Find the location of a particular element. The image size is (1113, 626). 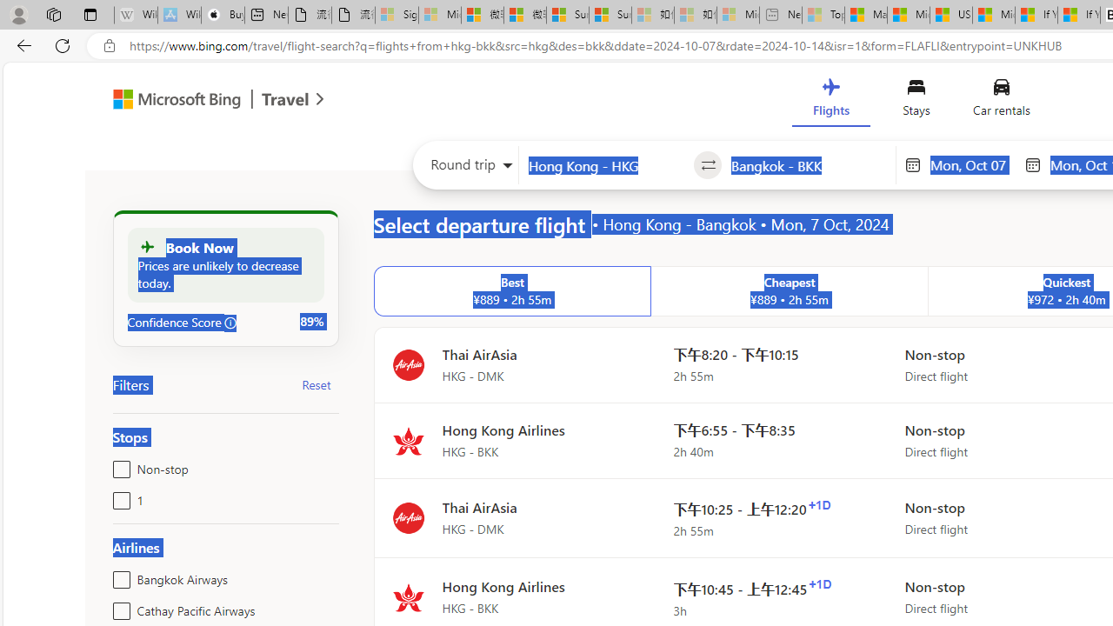

'Class: msft-bing-logo msft-bing-logo-desktop' is located at coordinates (173, 99).